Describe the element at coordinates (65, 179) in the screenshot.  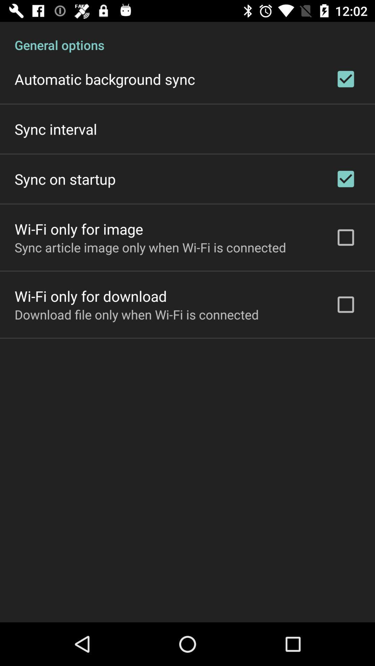
I see `the icon below the sync interval` at that location.